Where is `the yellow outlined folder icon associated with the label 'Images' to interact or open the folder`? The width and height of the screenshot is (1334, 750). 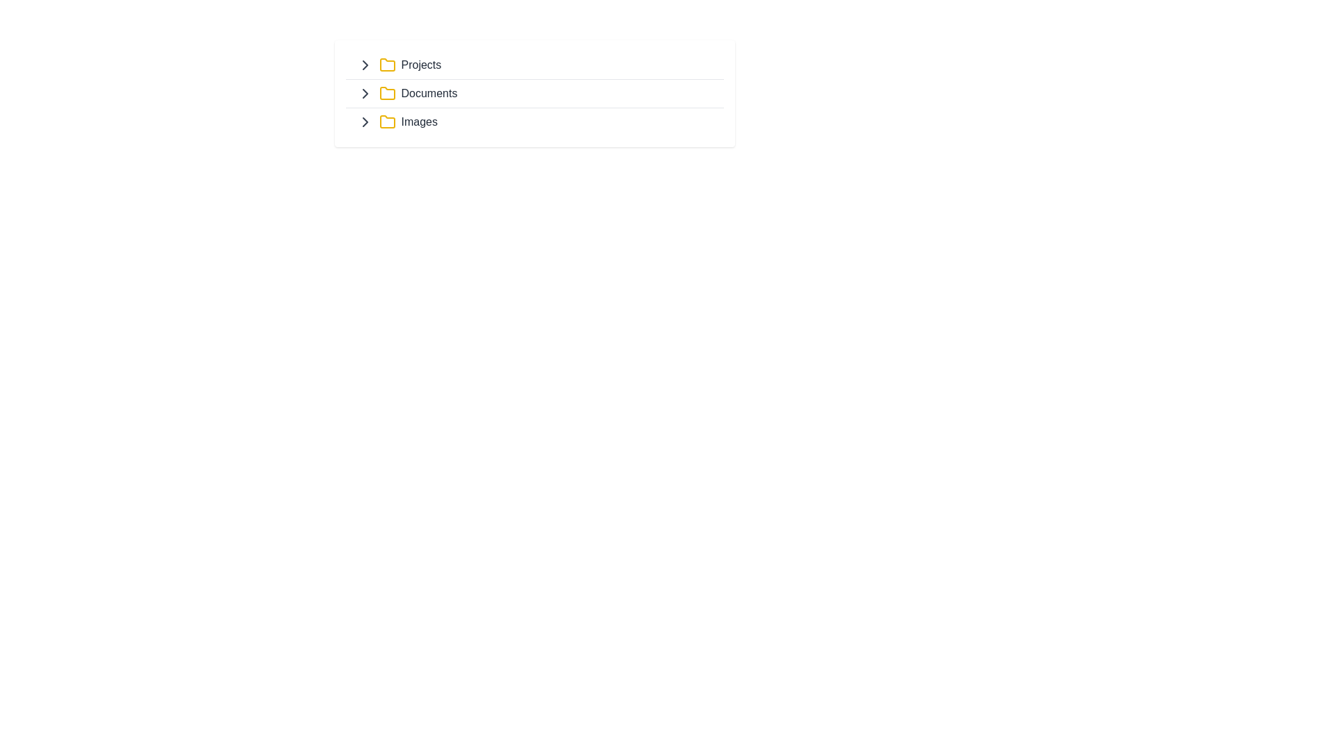 the yellow outlined folder icon associated with the label 'Images' to interact or open the folder is located at coordinates (387, 121).